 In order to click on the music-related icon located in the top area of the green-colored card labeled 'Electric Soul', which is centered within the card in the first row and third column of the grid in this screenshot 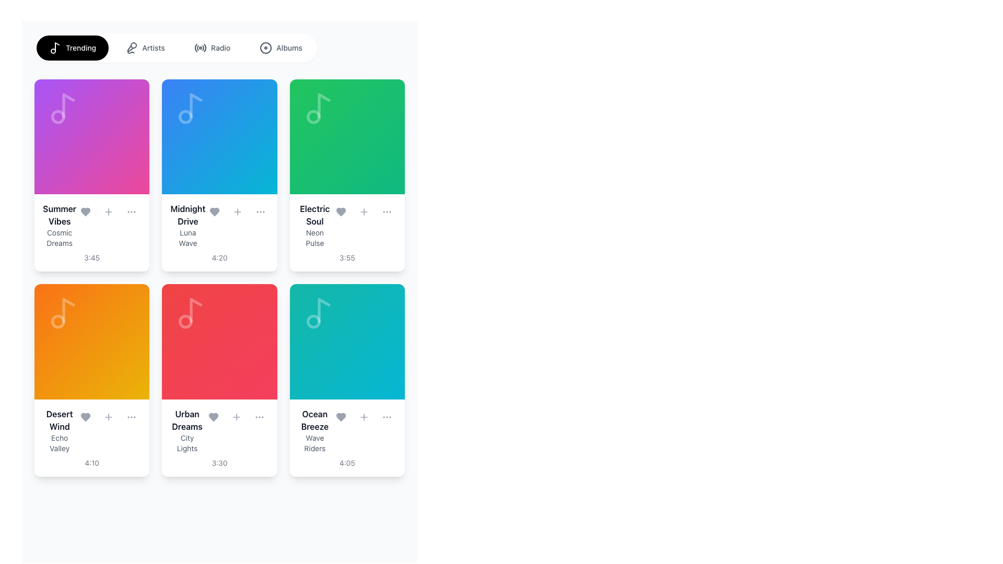, I will do `click(318, 109)`.